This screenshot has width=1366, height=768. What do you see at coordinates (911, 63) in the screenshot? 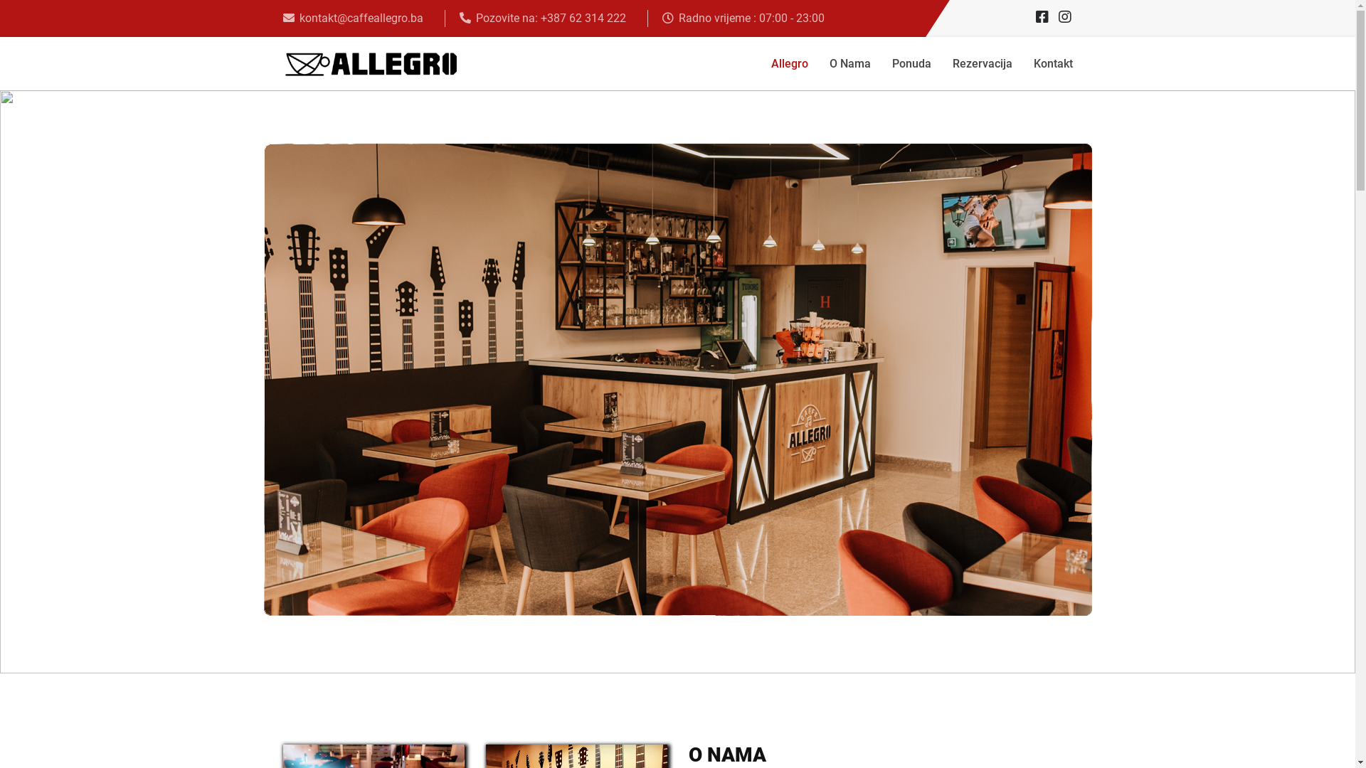
I see `'Ponuda'` at bounding box center [911, 63].